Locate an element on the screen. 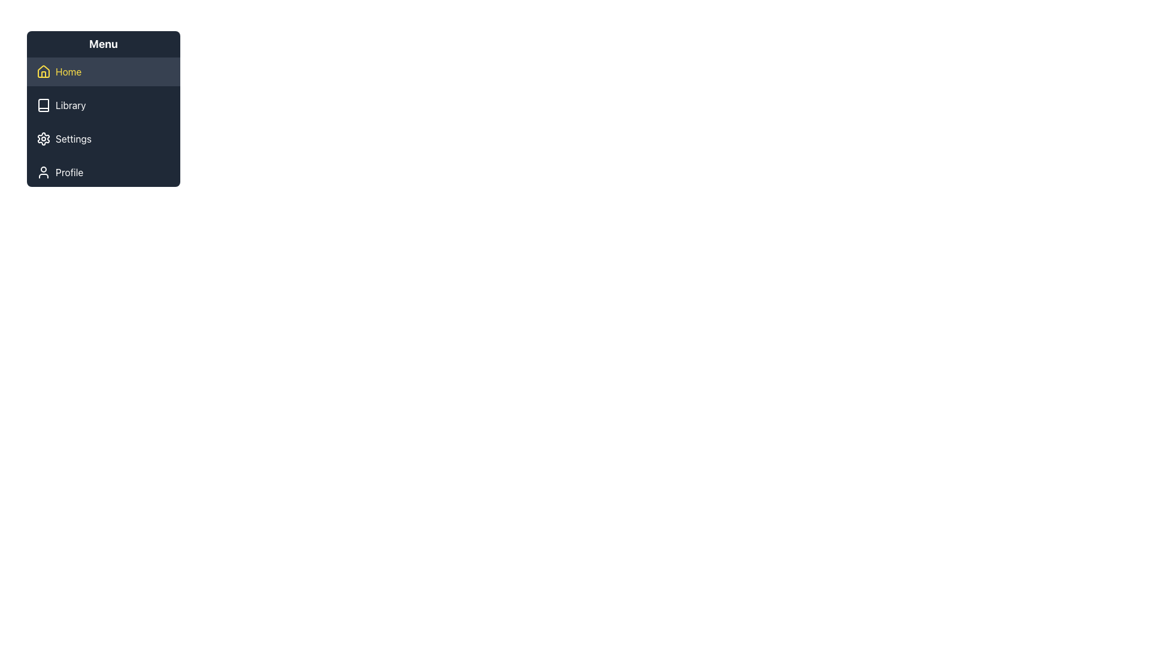 This screenshot has width=1150, height=647. the first item in the vertical navigation menu is located at coordinates (103, 71).